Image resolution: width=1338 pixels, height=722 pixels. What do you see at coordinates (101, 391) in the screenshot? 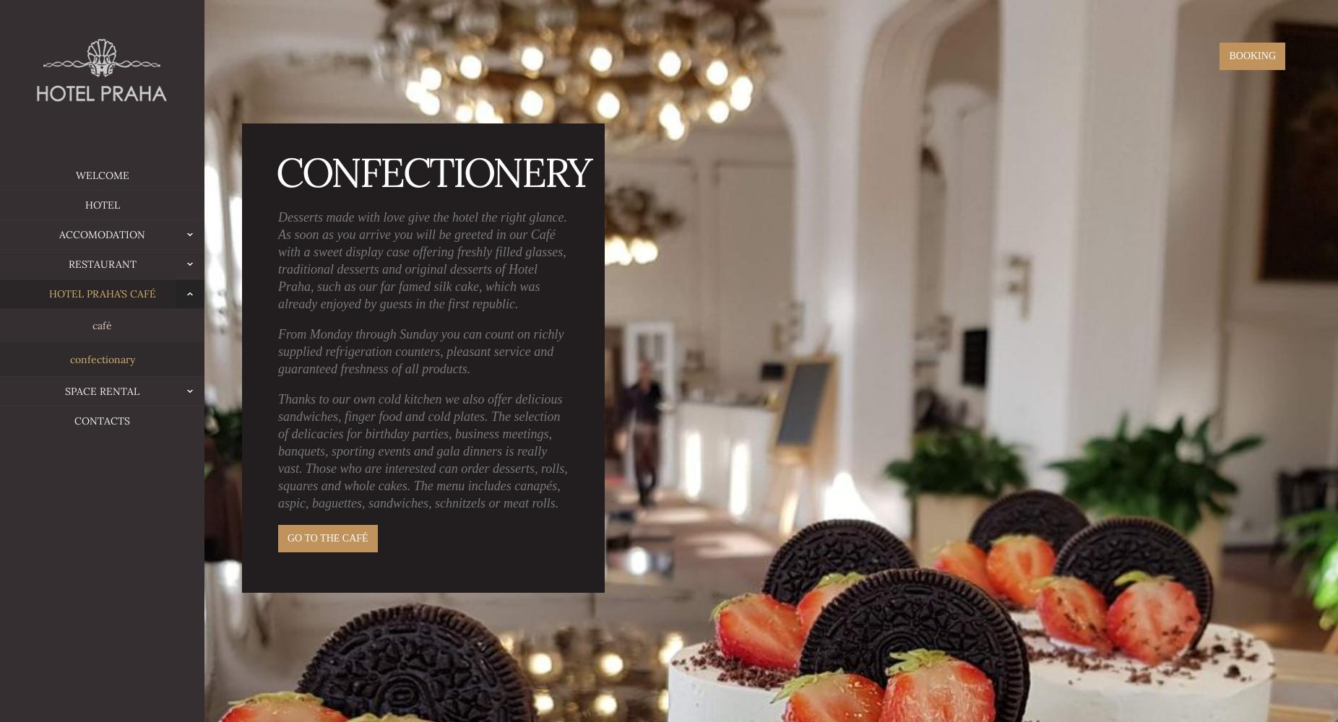
I see `'Space rental'` at bounding box center [101, 391].